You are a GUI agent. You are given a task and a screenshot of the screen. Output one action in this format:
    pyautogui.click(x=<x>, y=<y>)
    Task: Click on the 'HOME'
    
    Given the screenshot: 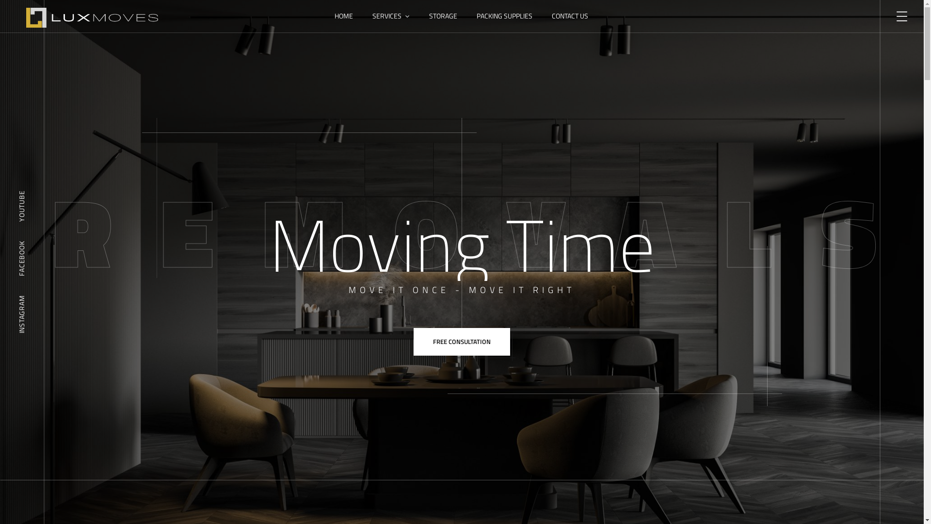 What is the action you would take?
    pyautogui.click(x=344, y=16)
    